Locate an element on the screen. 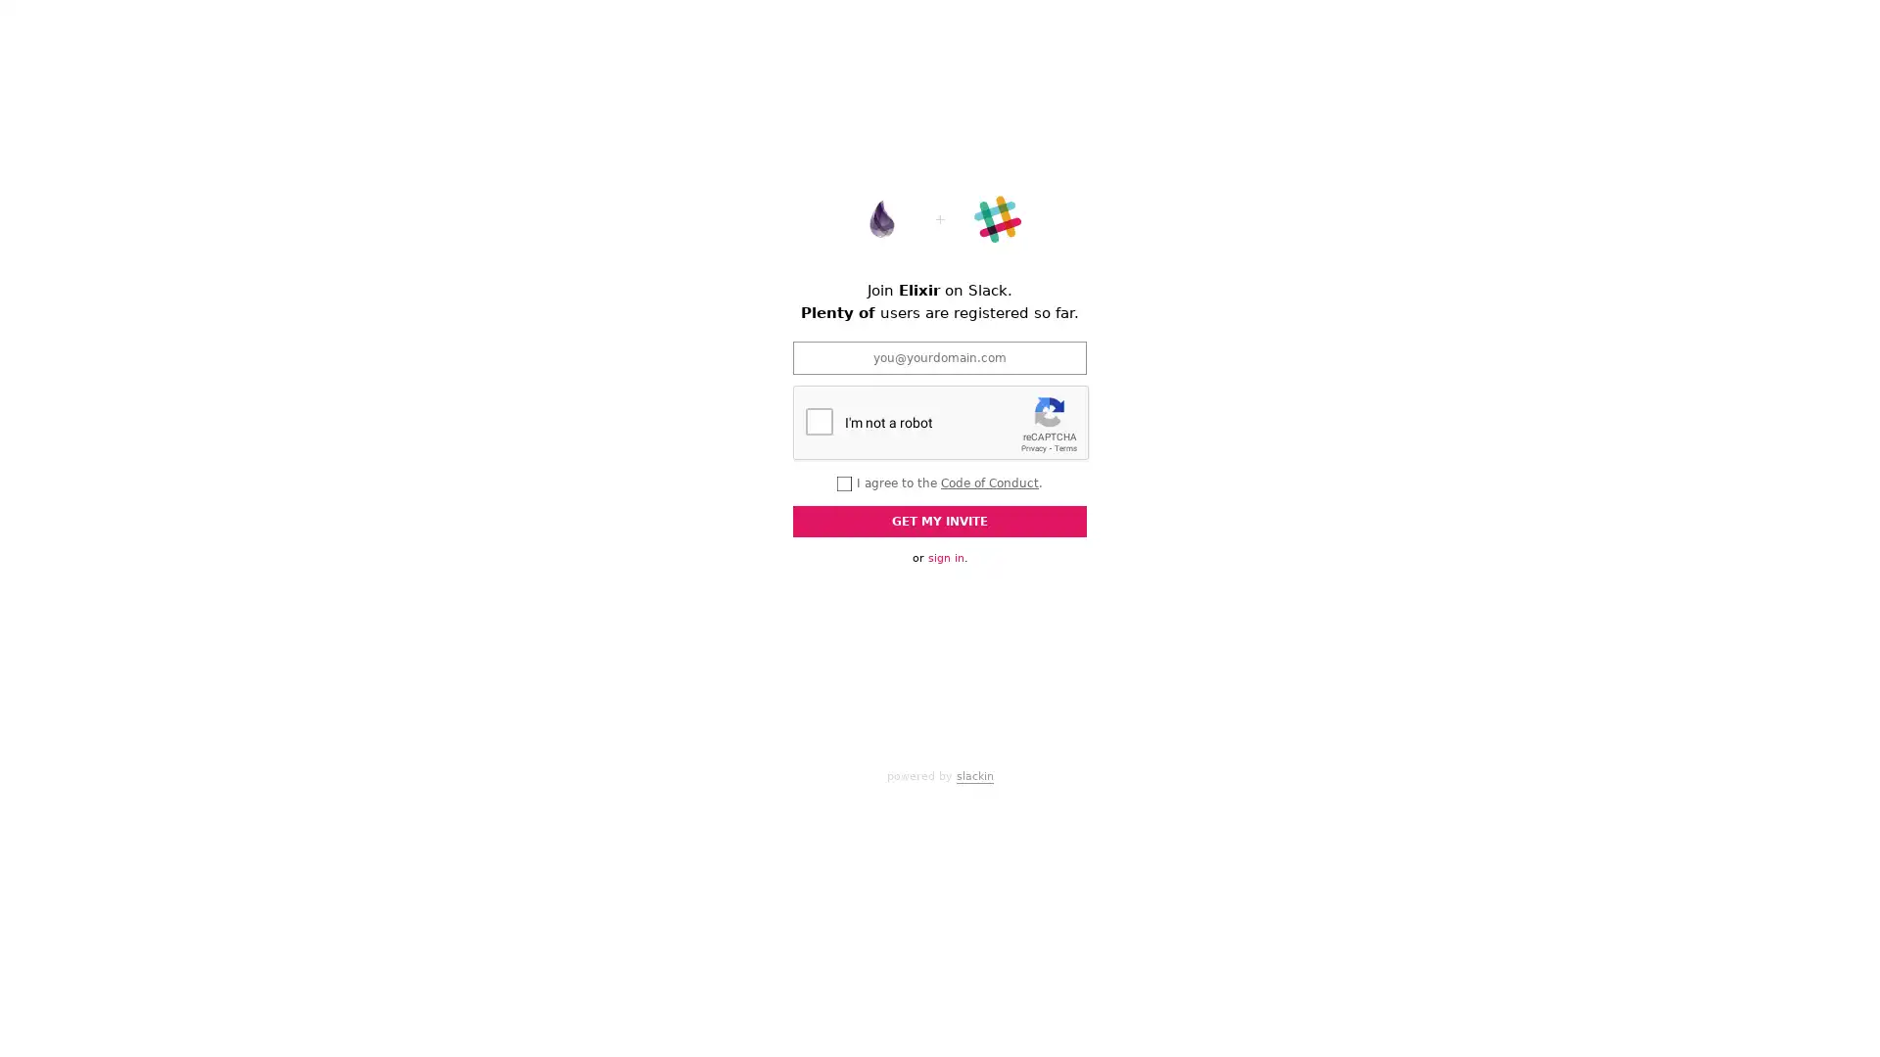  GET MY INVITE is located at coordinates (940, 520).